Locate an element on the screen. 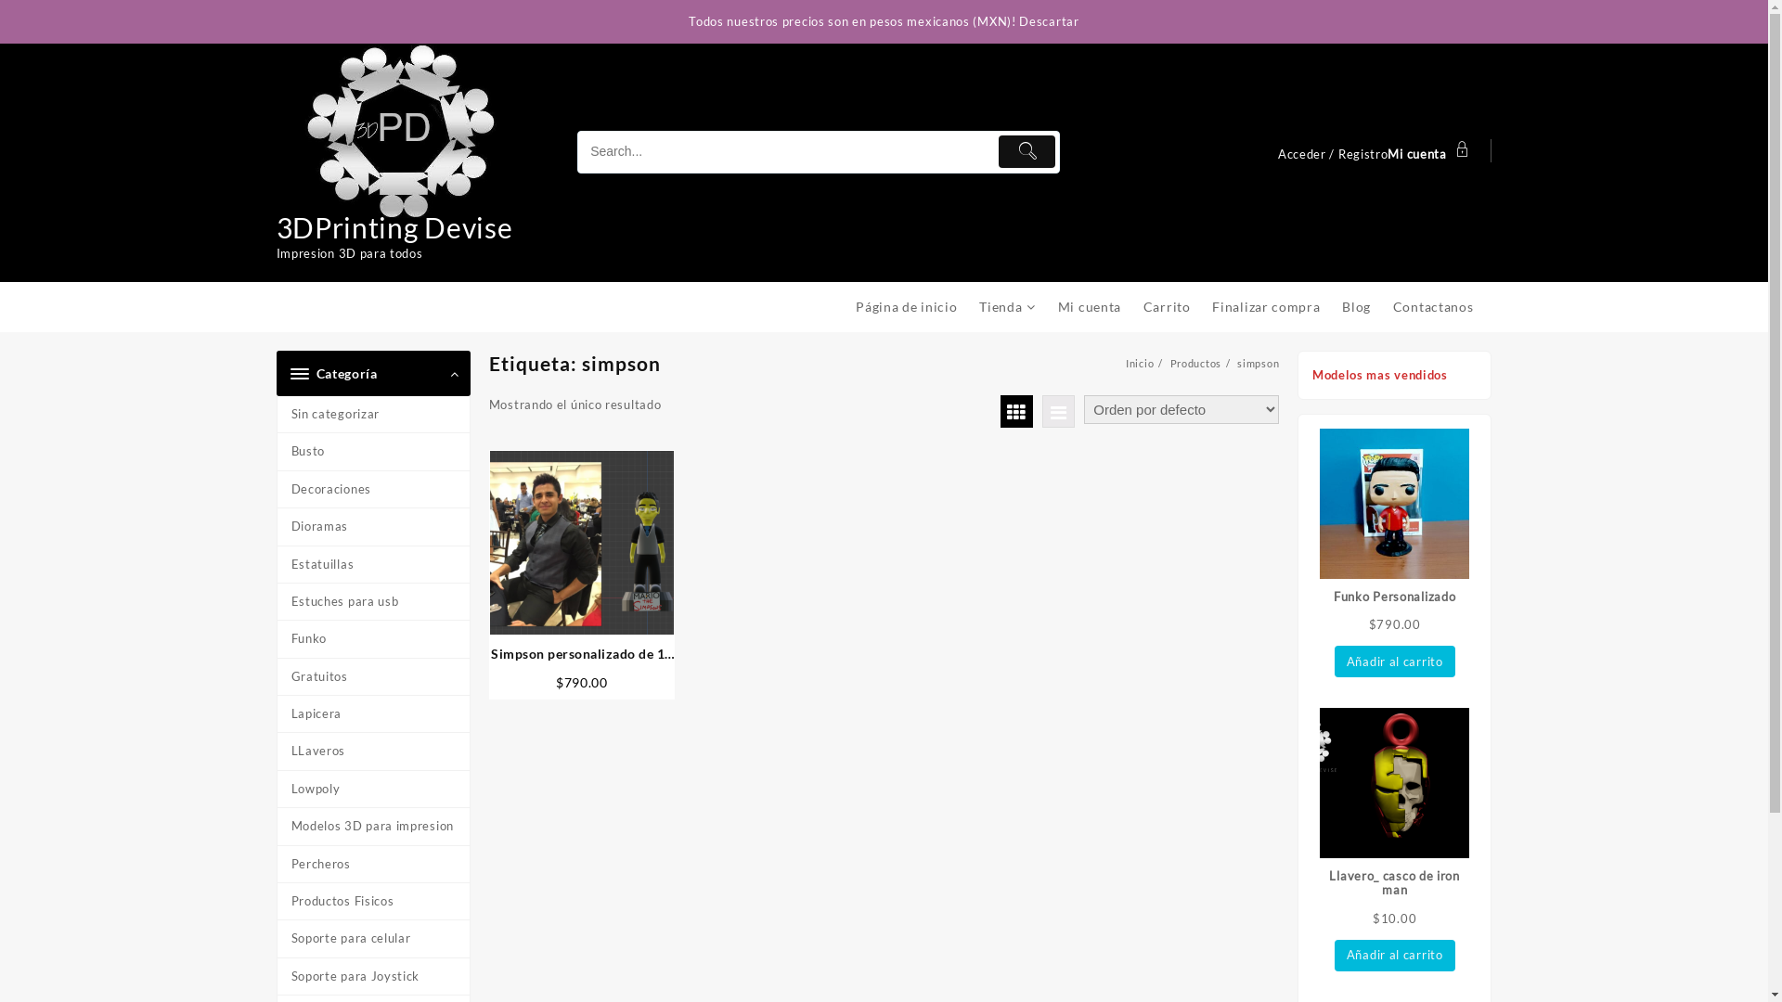 The height and width of the screenshot is (1002, 1782). 'Contactanos' is located at coordinates (1441, 305).